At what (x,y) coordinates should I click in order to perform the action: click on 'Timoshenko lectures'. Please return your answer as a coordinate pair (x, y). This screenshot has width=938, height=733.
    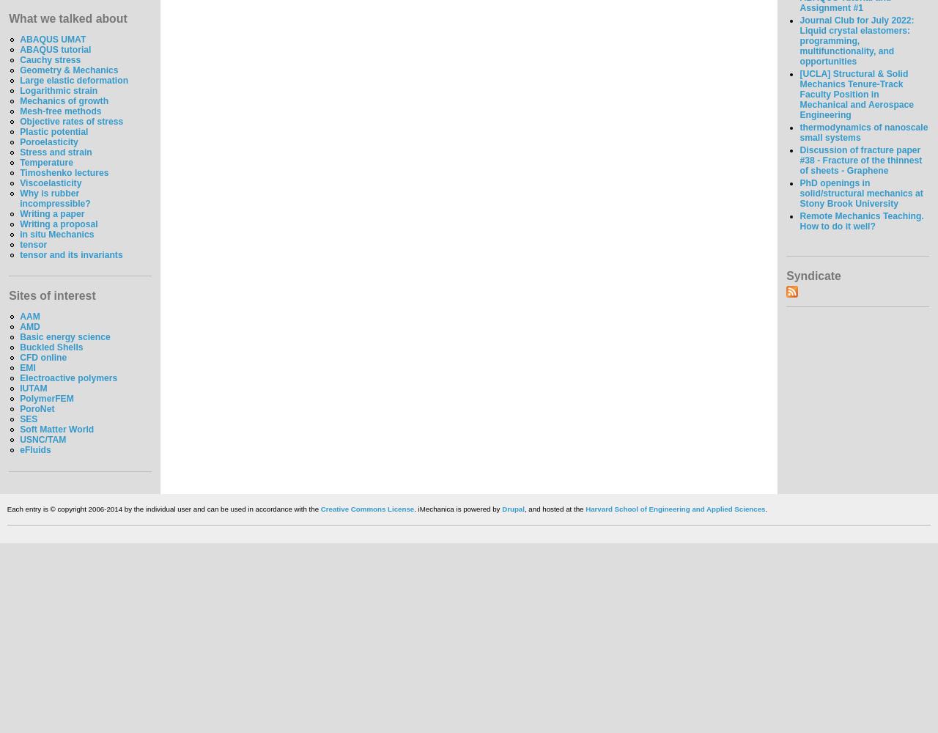
    Looking at the image, I should click on (63, 172).